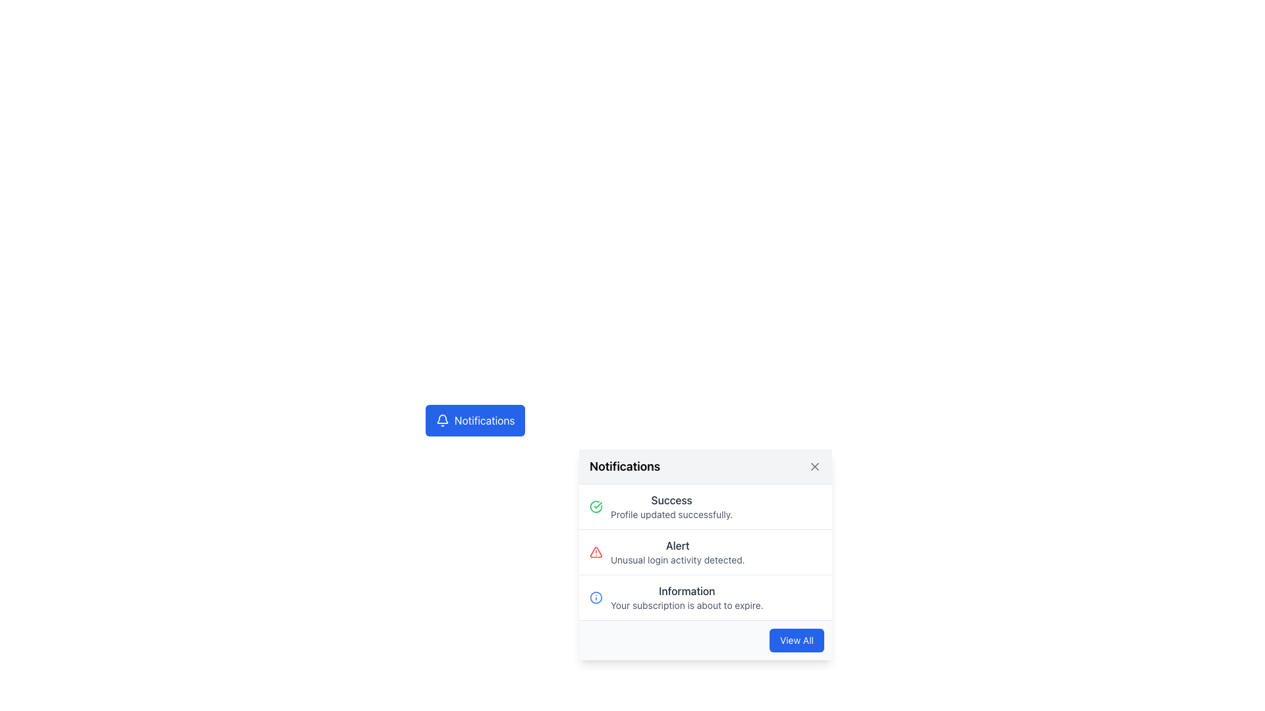  I want to click on the text label styled in light gray color that is displayed below the bold 'Success' label in the notification dialog, so click(671, 514).